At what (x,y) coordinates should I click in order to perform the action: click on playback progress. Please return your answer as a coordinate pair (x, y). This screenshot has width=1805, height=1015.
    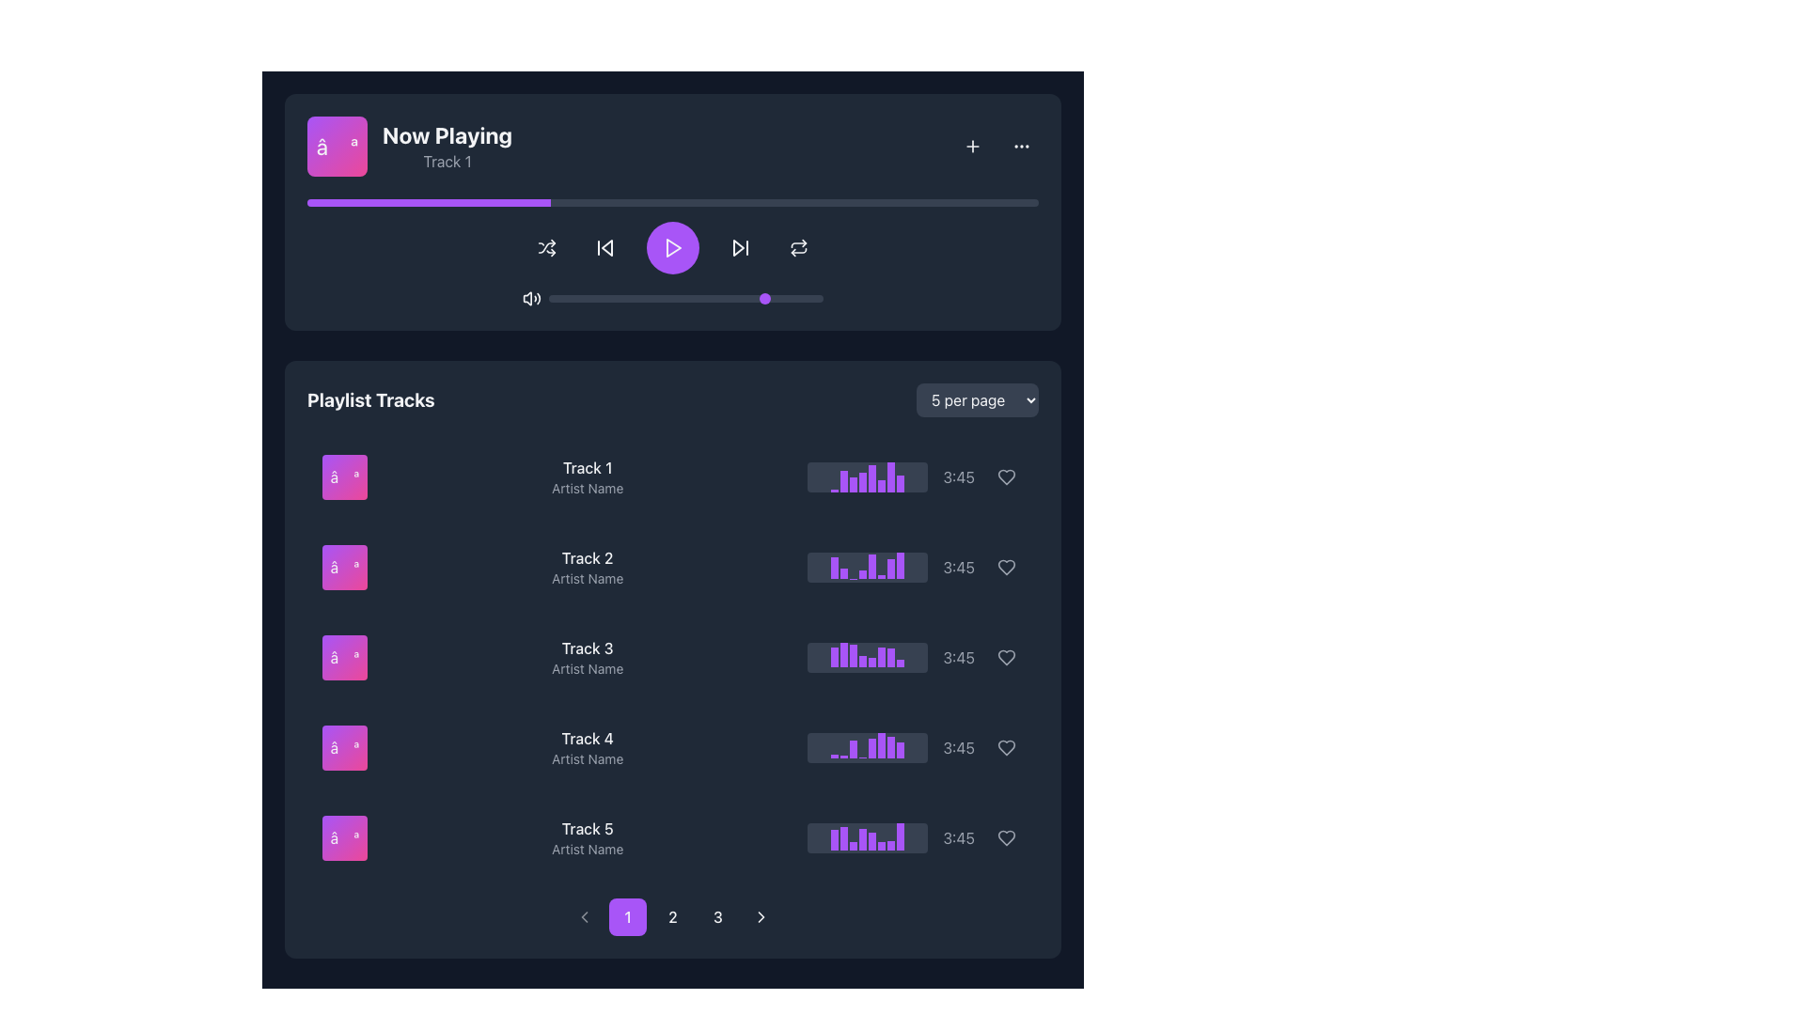
    Looking at the image, I should click on (914, 203).